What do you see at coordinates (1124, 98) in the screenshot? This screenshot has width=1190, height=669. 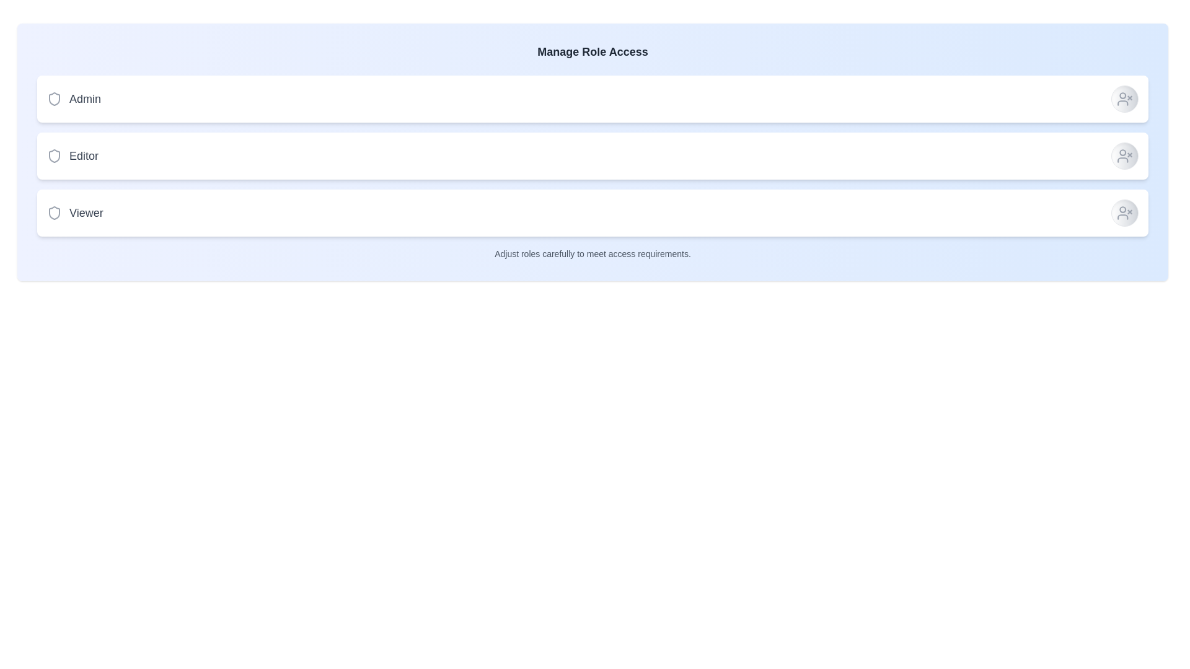 I see `the user icon with an 'X' overlay located to the far right of the 'Admin' label in the first row of the user roles list` at bounding box center [1124, 98].